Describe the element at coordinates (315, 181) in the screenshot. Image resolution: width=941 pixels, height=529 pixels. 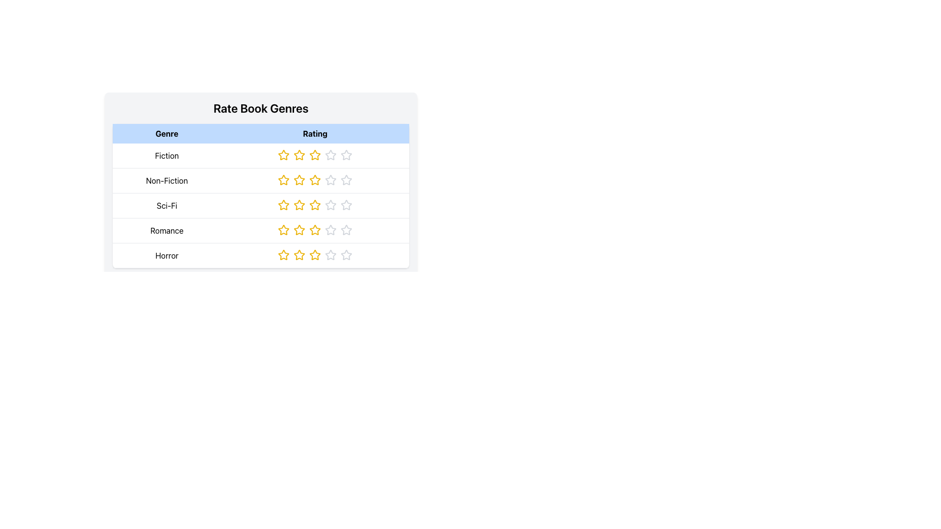
I see `the fifth star icon in the 'Rating' column of the 'Non-Fiction' row, which represents the rating system` at that location.